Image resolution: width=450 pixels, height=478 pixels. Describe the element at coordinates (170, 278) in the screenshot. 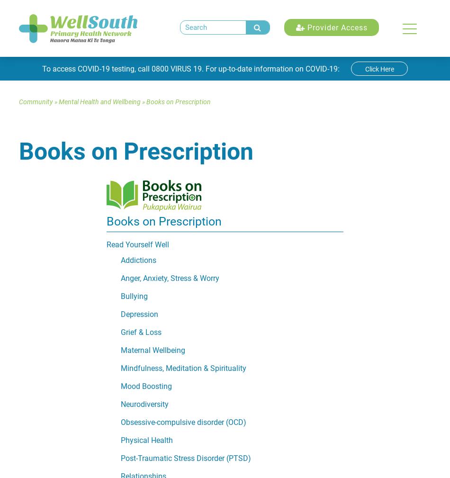

I see `'Anger, Anxiety, Stress & Worry'` at that location.